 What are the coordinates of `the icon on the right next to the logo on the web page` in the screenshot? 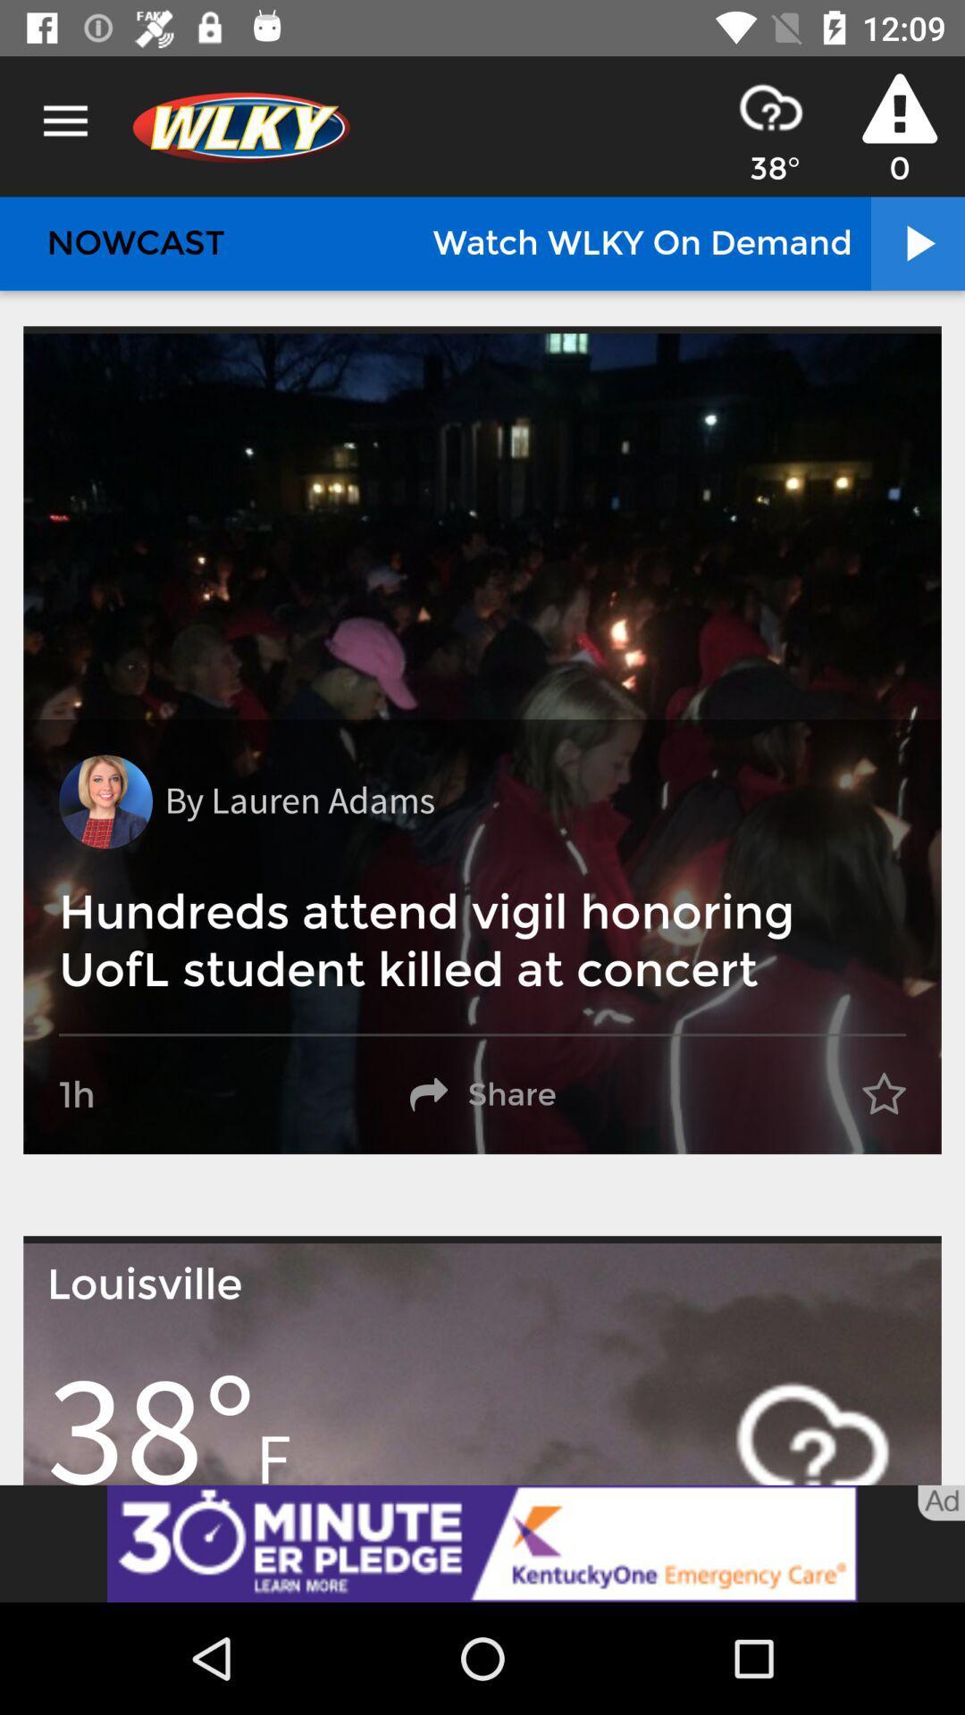 It's located at (770, 106).